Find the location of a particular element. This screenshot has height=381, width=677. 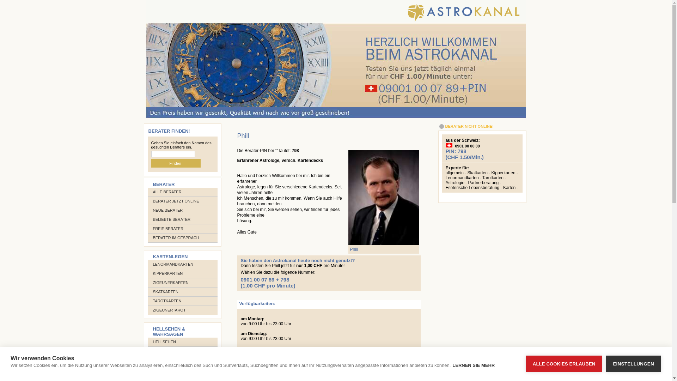

'ALLE COOKIES ERLAUBEN' is located at coordinates (563, 364).